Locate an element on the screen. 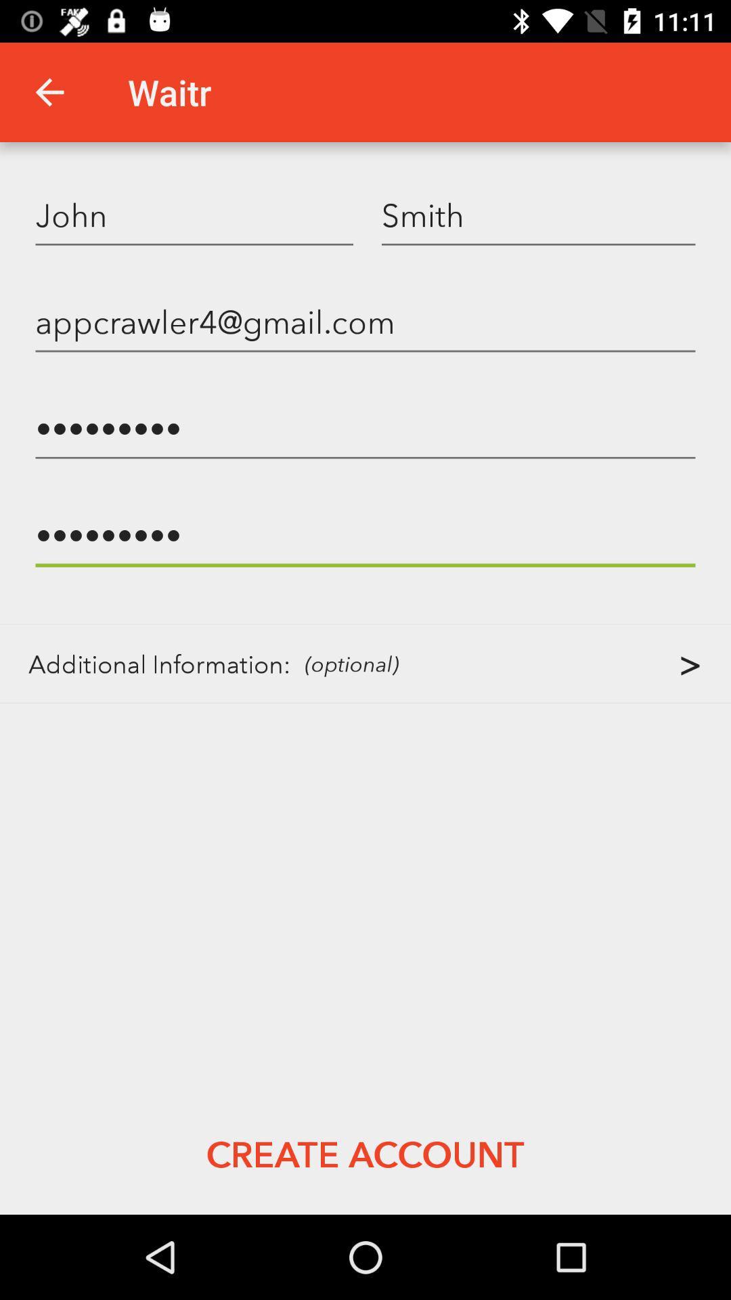 The image size is (731, 1300). item below the john icon is located at coordinates (365, 321).